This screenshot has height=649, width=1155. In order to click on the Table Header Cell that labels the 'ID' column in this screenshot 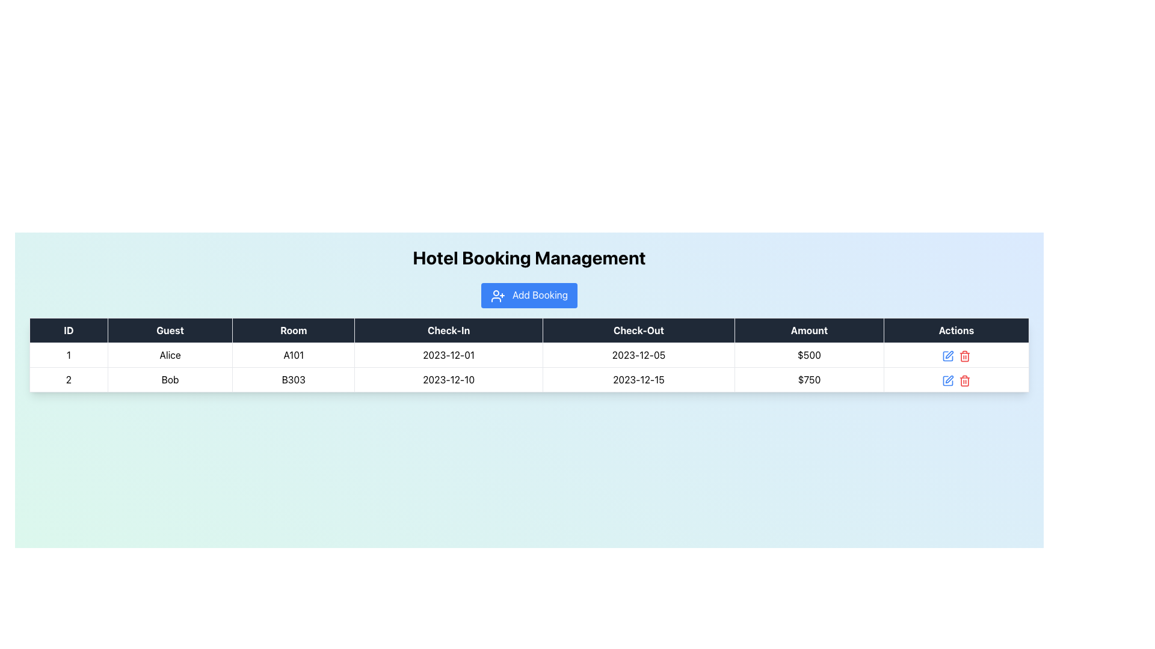, I will do `click(68, 330)`.